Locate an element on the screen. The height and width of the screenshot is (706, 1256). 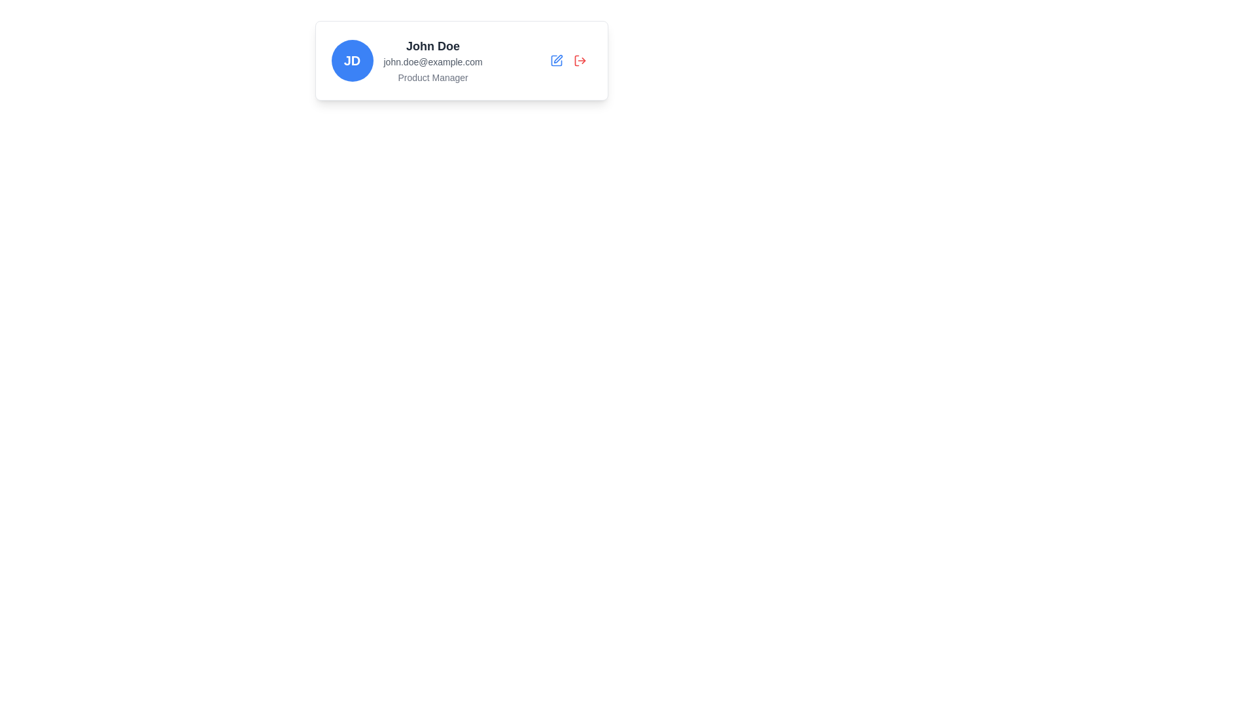
the Text Label displaying the user's name, which is positioned above the email and to the right of the circular avatar with initials 'JD' is located at coordinates (433, 45).